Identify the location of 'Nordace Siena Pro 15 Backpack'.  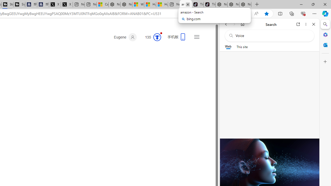
(233, 4).